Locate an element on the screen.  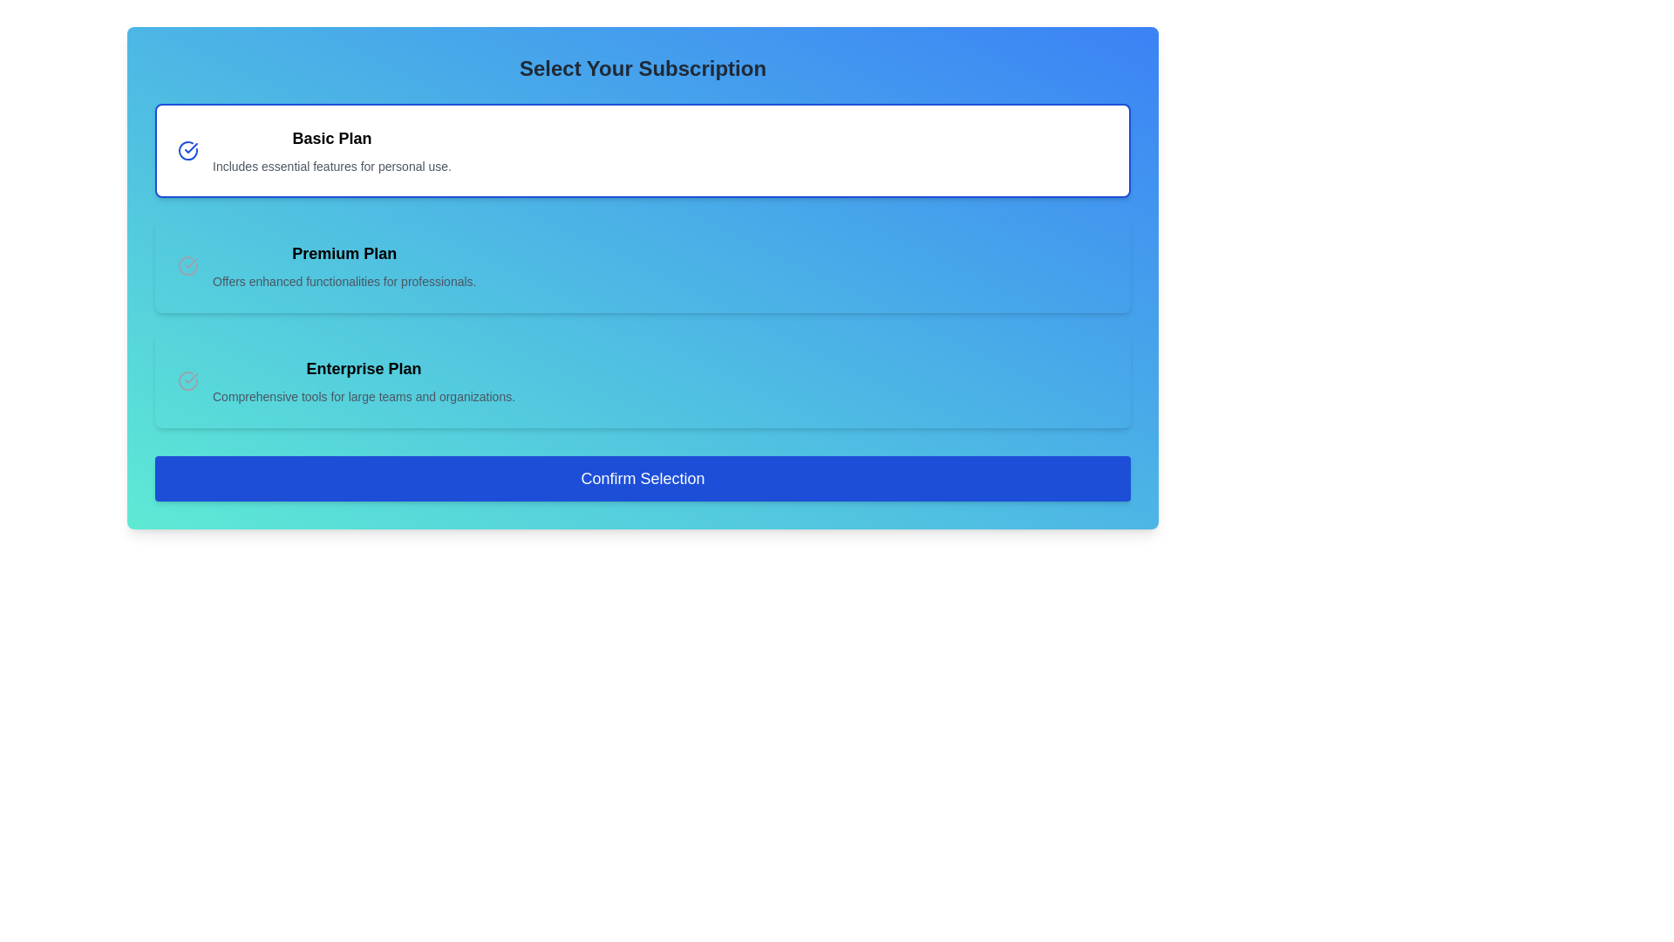
the blue rectangular button labeled 'Confirm Selection' to observe its interactive effects is located at coordinates (642, 478).